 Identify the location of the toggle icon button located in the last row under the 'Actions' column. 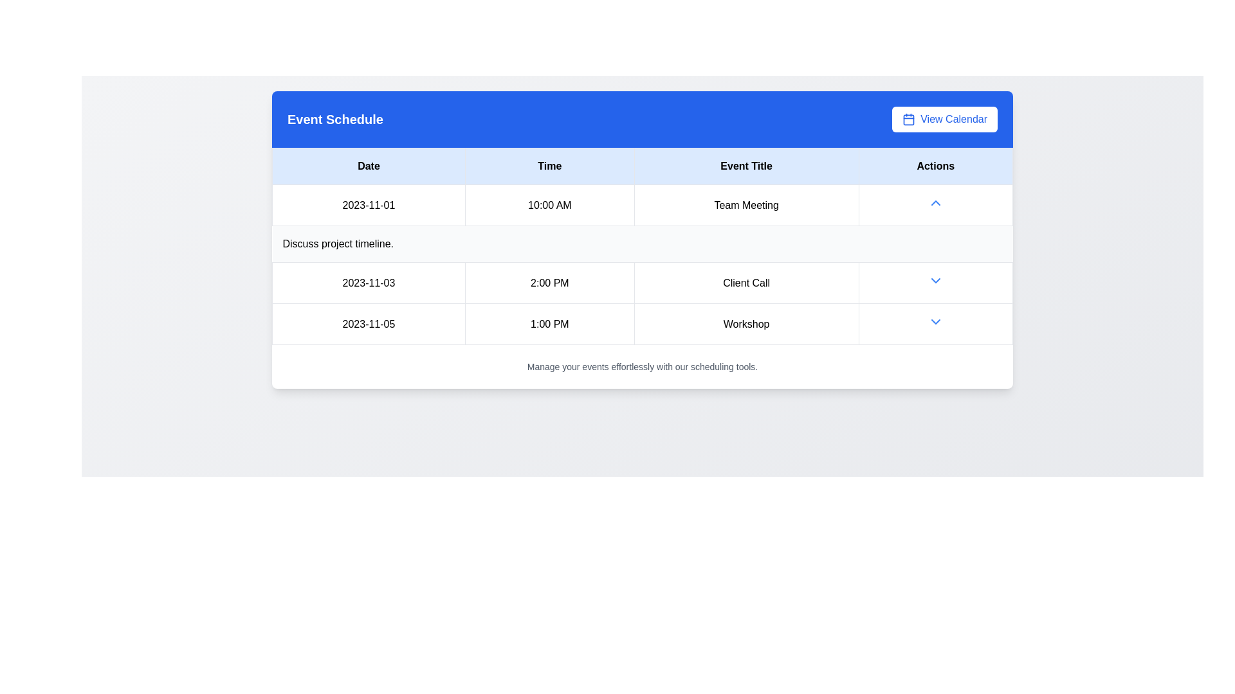
(935, 321).